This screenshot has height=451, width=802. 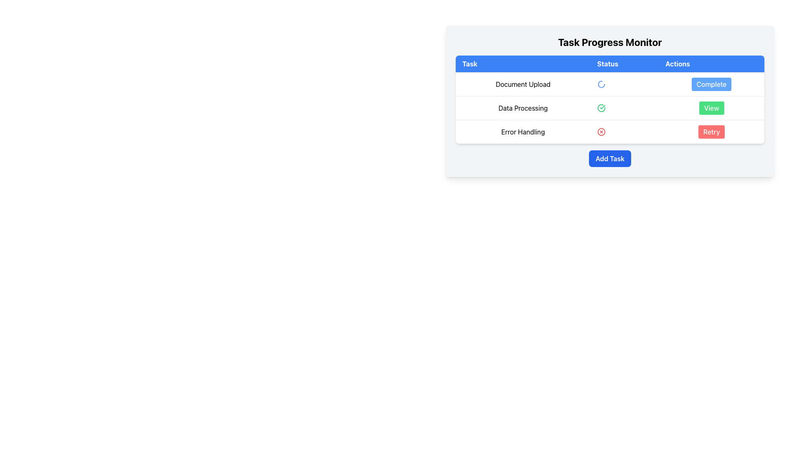 What do you see at coordinates (610, 132) in the screenshot?
I see `the 'Retry' button in the bottom row of the monitoring table, which represents the status of the task 'Error Handling'` at bounding box center [610, 132].